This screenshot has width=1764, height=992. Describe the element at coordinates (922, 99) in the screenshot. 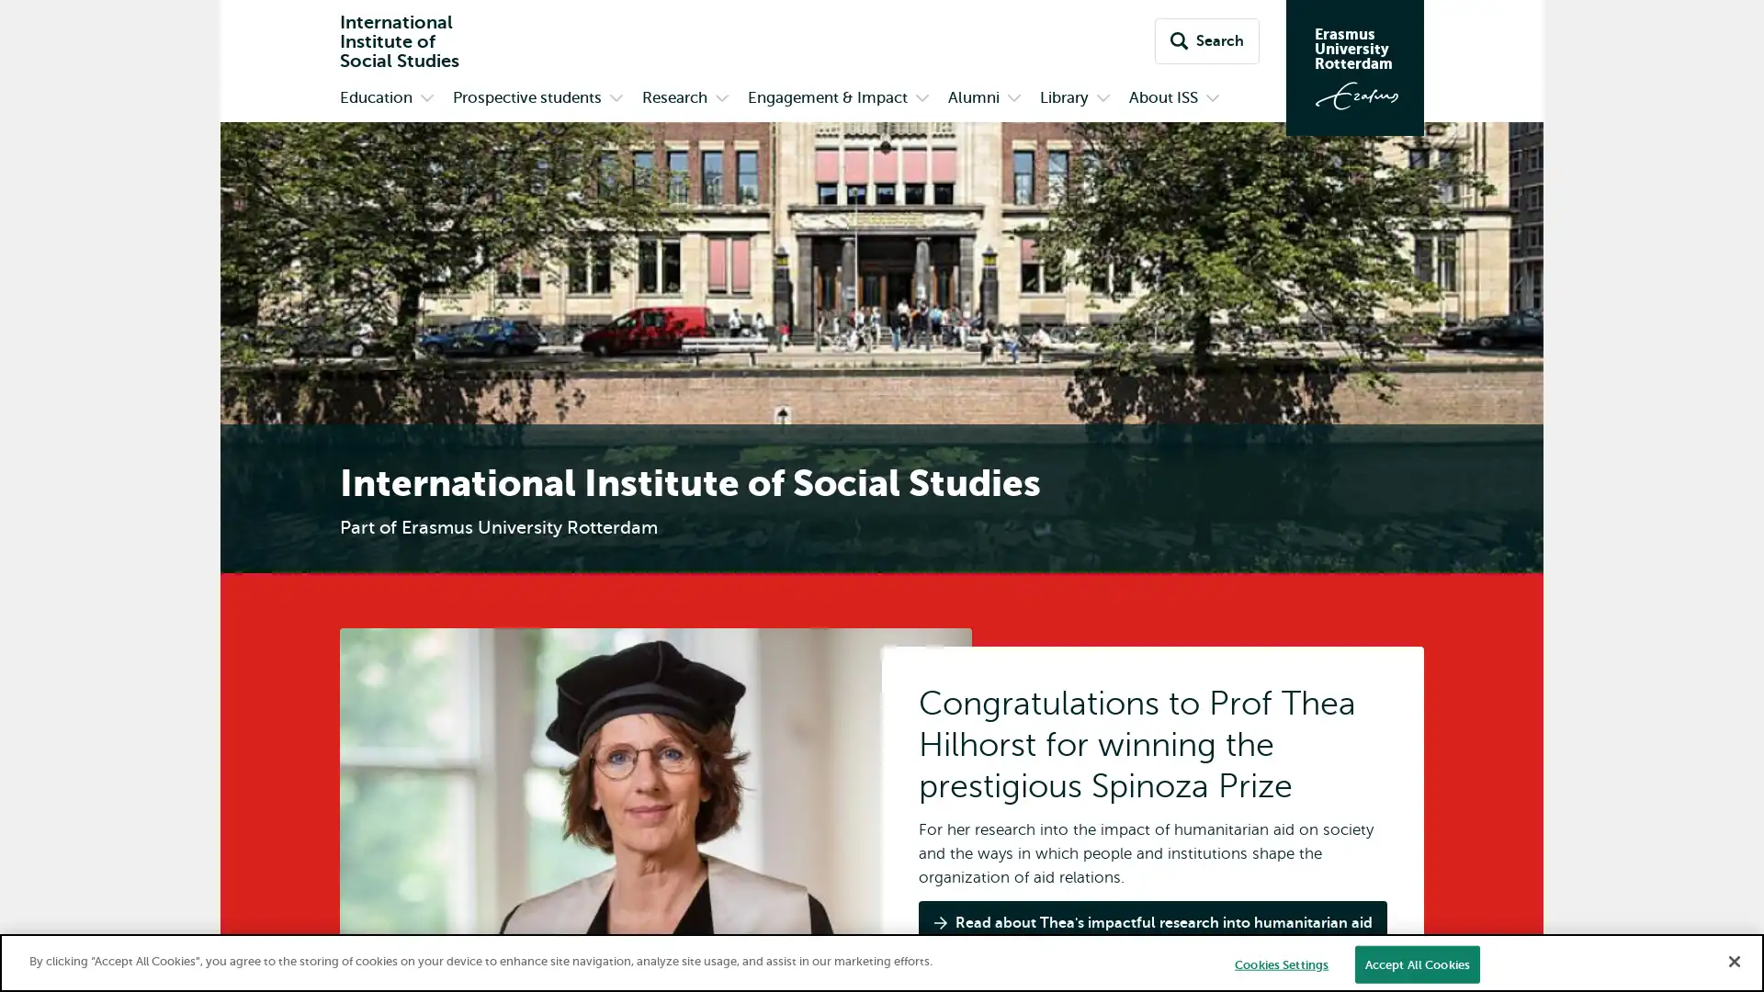

I see `Open submenu` at that location.